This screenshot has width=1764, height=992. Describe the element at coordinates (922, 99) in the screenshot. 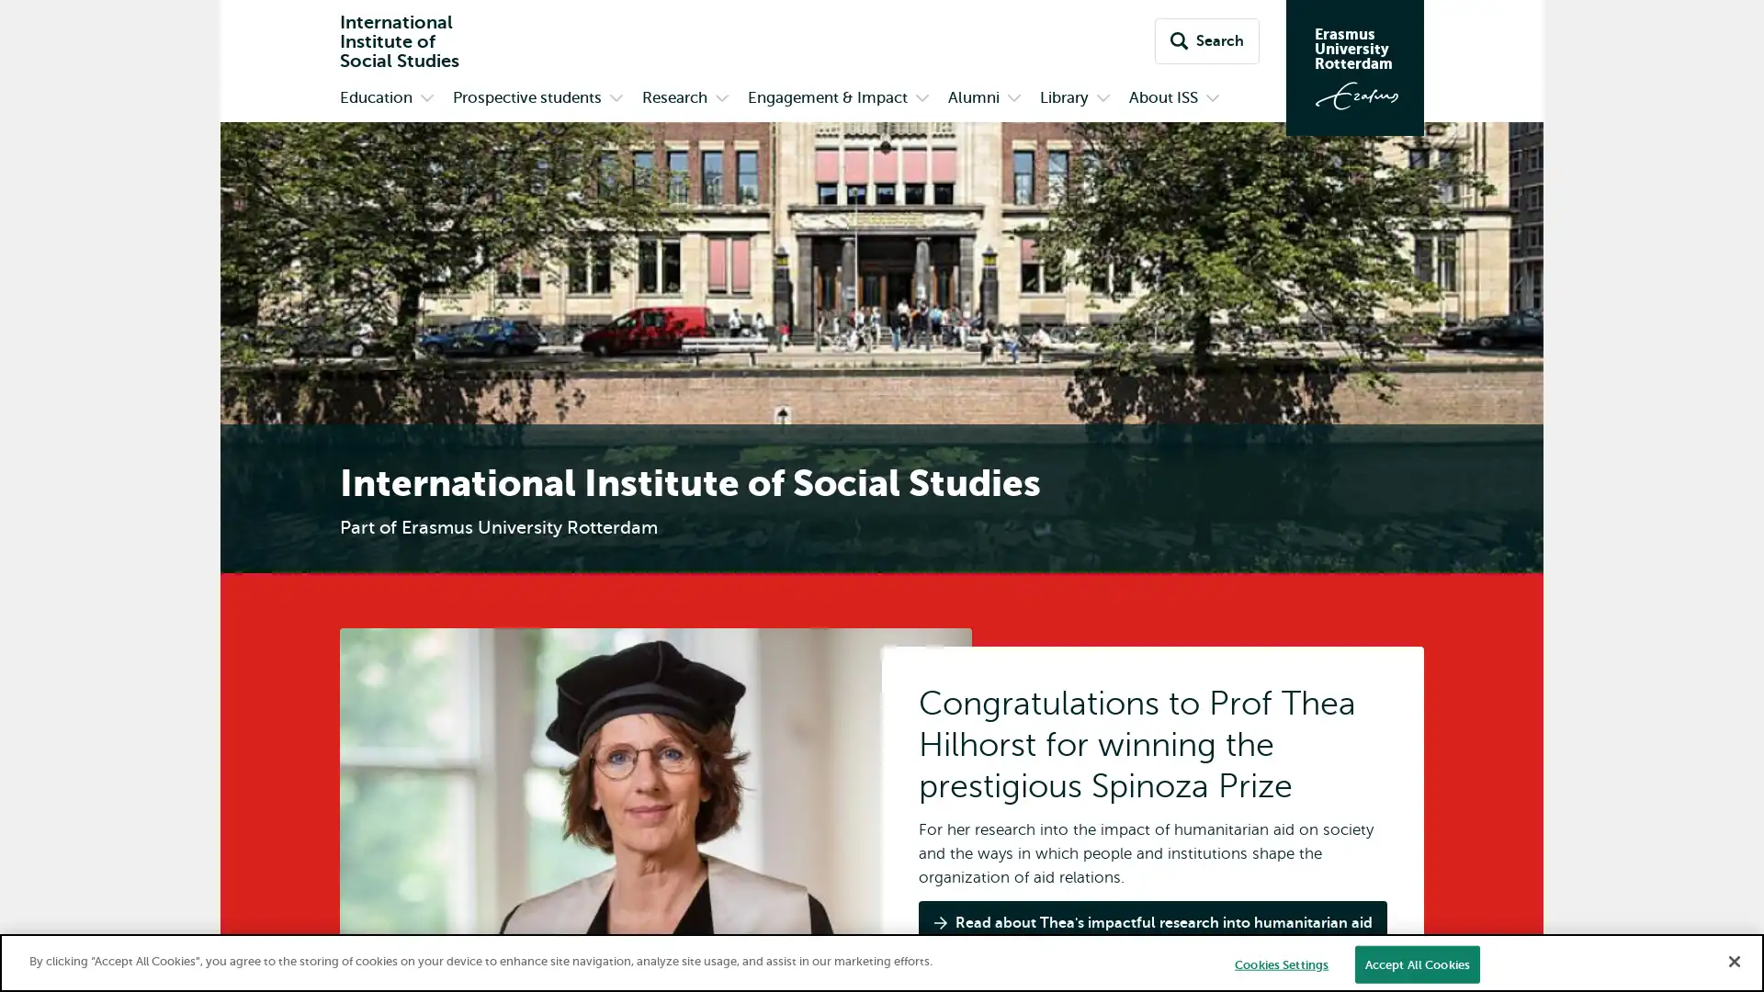

I see `Open submenu` at that location.